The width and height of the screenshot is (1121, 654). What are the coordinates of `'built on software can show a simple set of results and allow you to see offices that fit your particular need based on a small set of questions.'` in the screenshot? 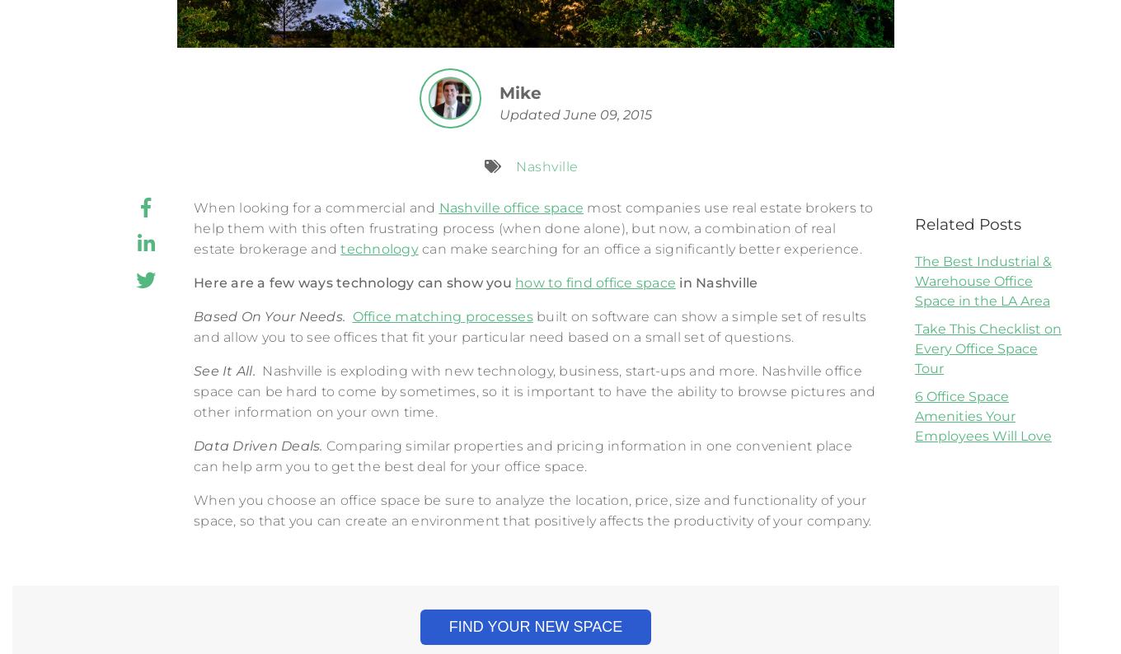 It's located at (529, 327).